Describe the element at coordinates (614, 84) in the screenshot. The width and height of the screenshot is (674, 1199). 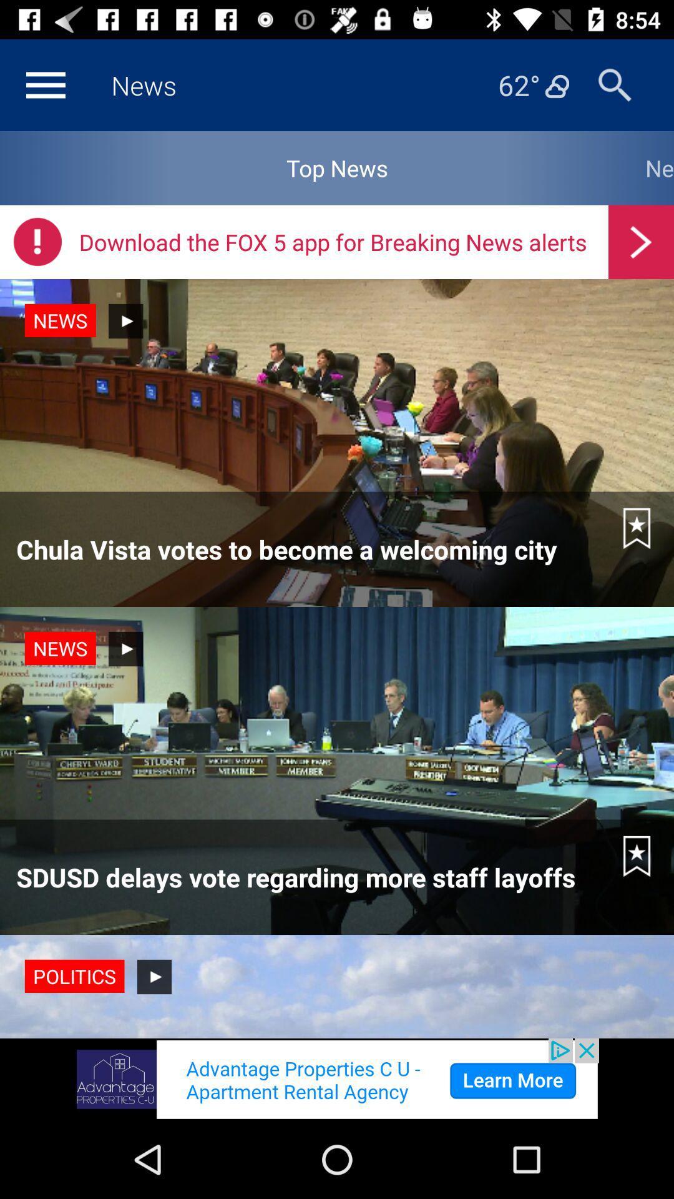
I see `search` at that location.